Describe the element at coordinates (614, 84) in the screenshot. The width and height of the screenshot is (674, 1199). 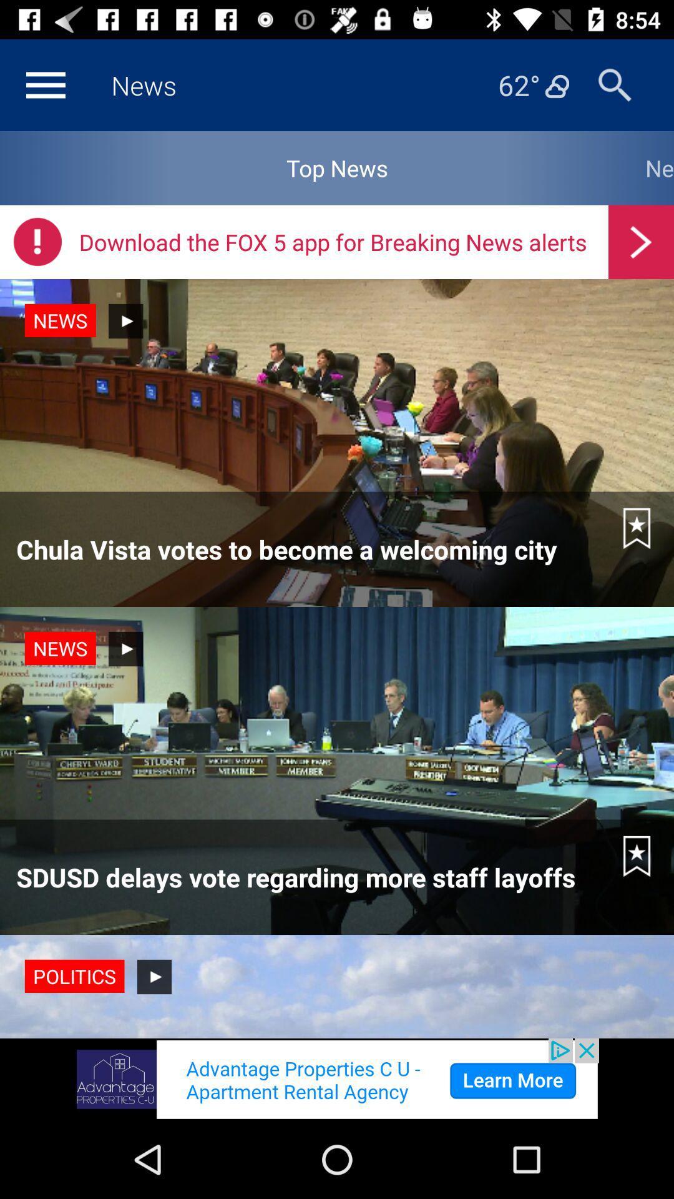
I see `search` at that location.